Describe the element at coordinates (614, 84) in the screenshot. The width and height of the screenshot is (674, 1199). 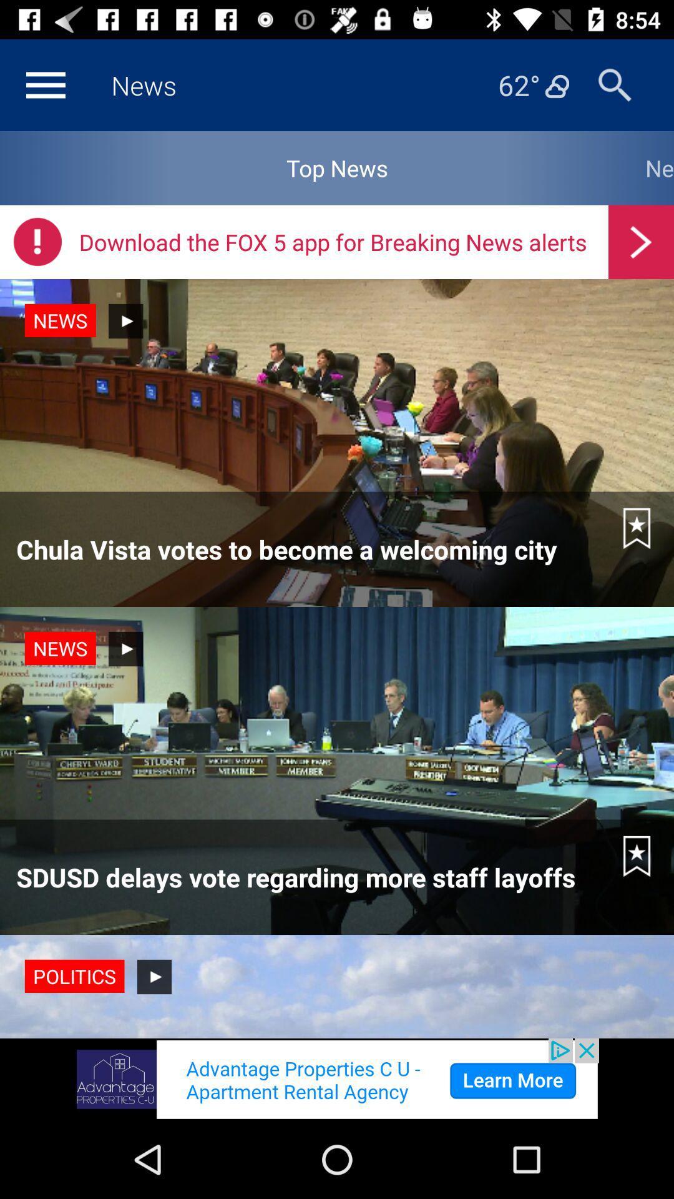
I see `search` at that location.